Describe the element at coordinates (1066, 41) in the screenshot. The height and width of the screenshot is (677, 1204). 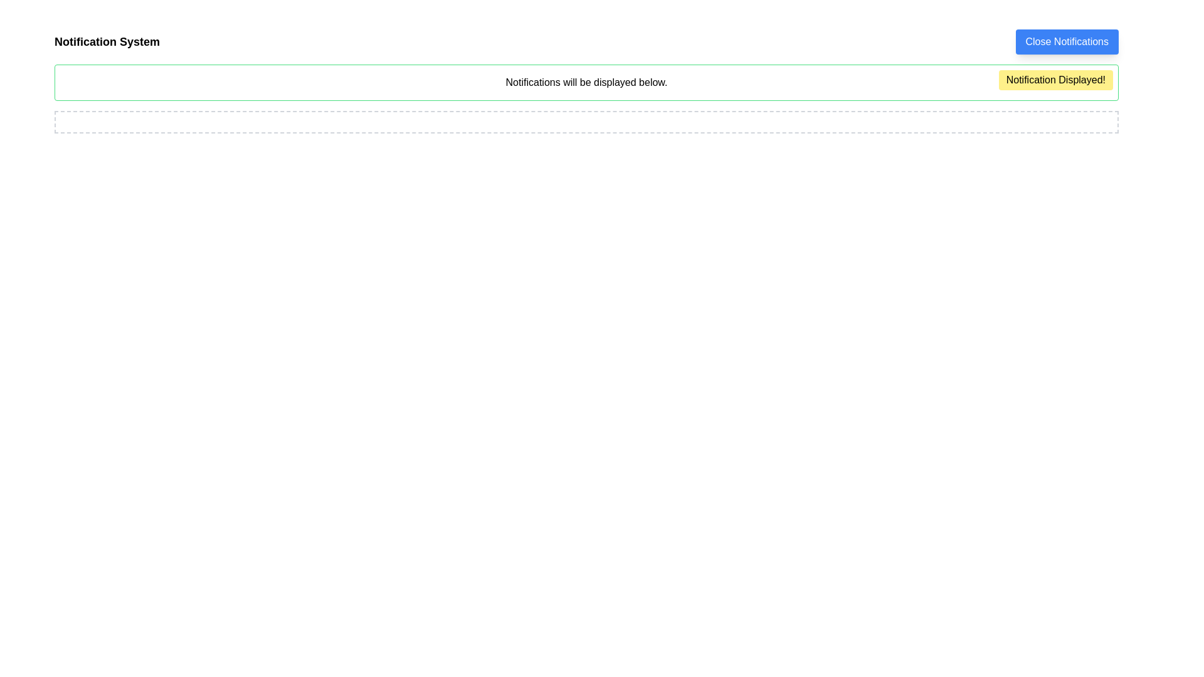
I see `the close button located in the top-right corner of the notification panel to observe its hover effect` at that location.